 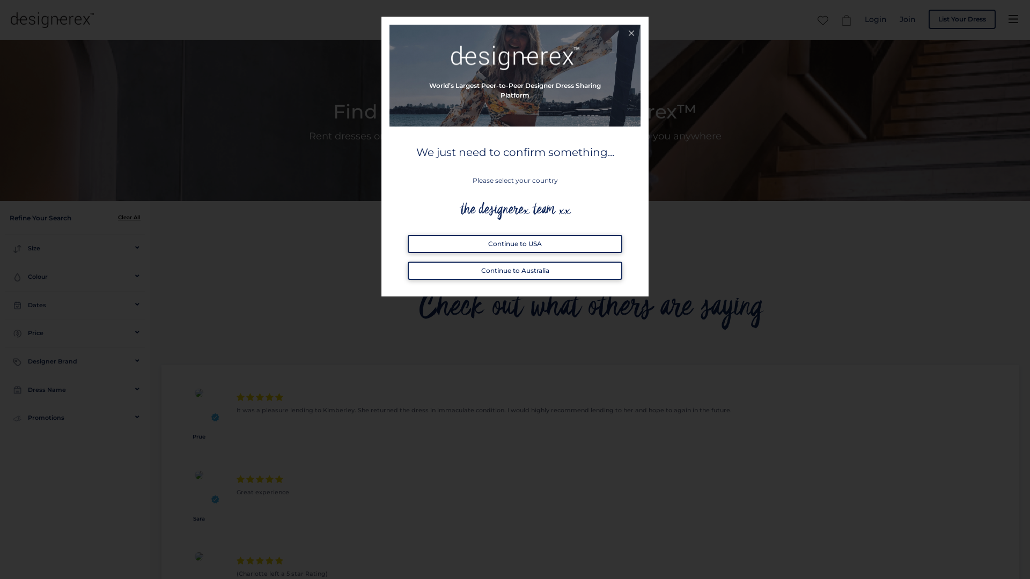 I want to click on 'List Your Dress', so click(x=962, y=19).